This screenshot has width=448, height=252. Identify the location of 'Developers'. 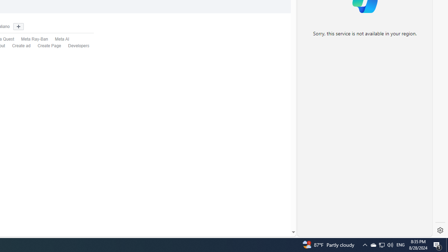
(75, 46).